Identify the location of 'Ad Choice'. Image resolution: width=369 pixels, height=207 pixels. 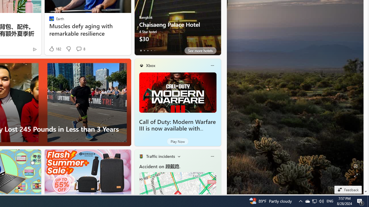
(34, 49).